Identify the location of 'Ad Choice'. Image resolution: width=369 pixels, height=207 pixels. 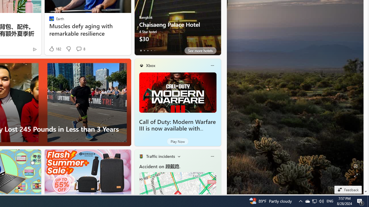
(34, 49).